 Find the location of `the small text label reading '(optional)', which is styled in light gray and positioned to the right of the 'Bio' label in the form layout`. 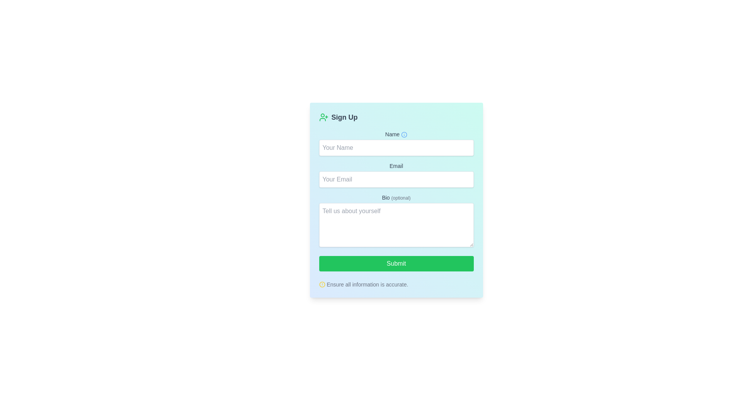

the small text label reading '(optional)', which is styled in light gray and positioned to the right of the 'Bio' label in the form layout is located at coordinates (401, 198).